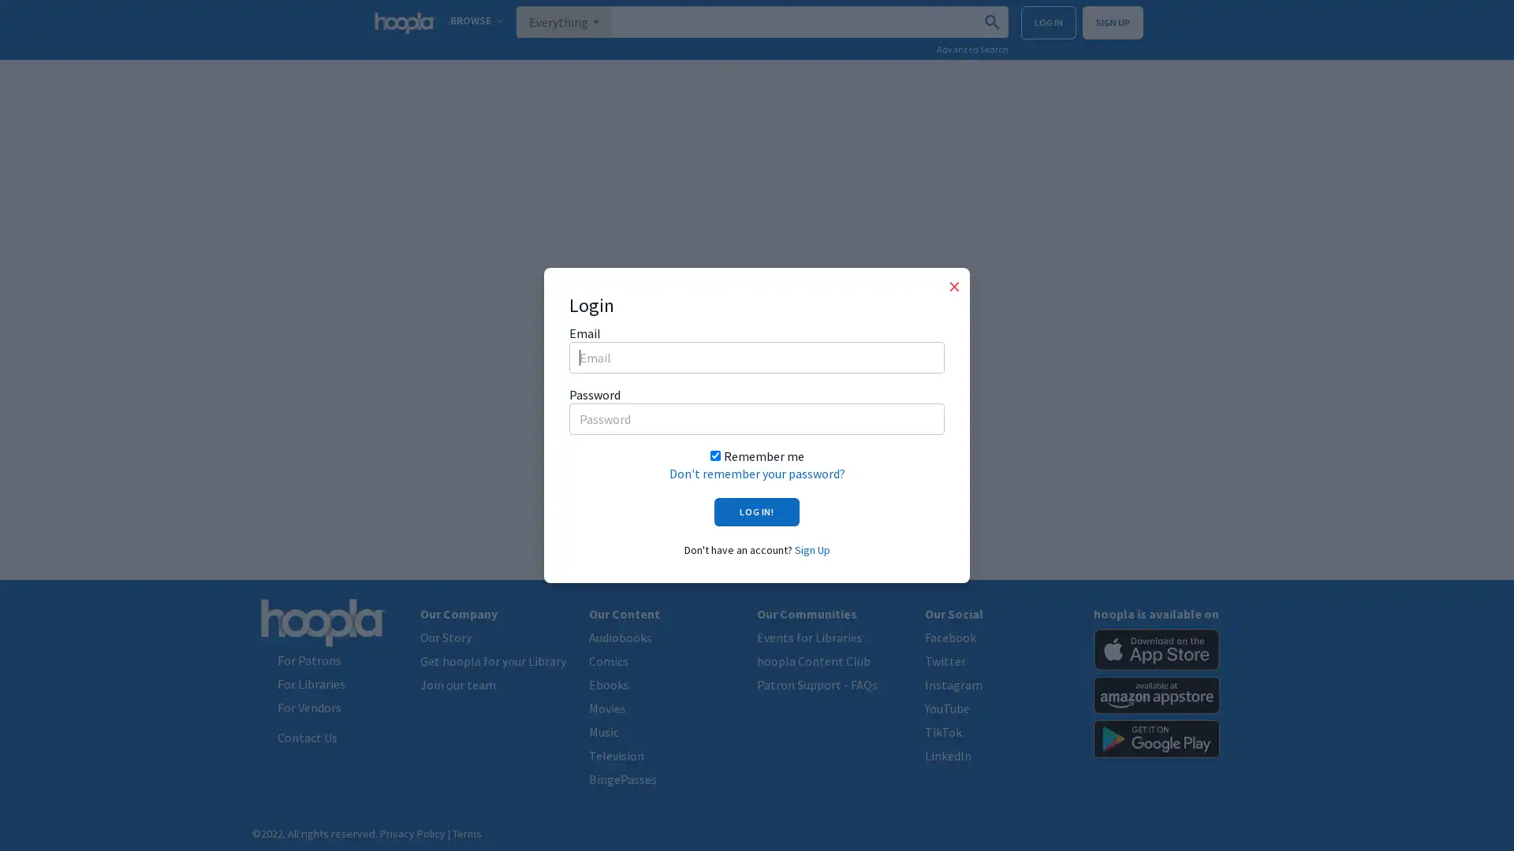  I want to click on LOG IN!, so click(755, 512).